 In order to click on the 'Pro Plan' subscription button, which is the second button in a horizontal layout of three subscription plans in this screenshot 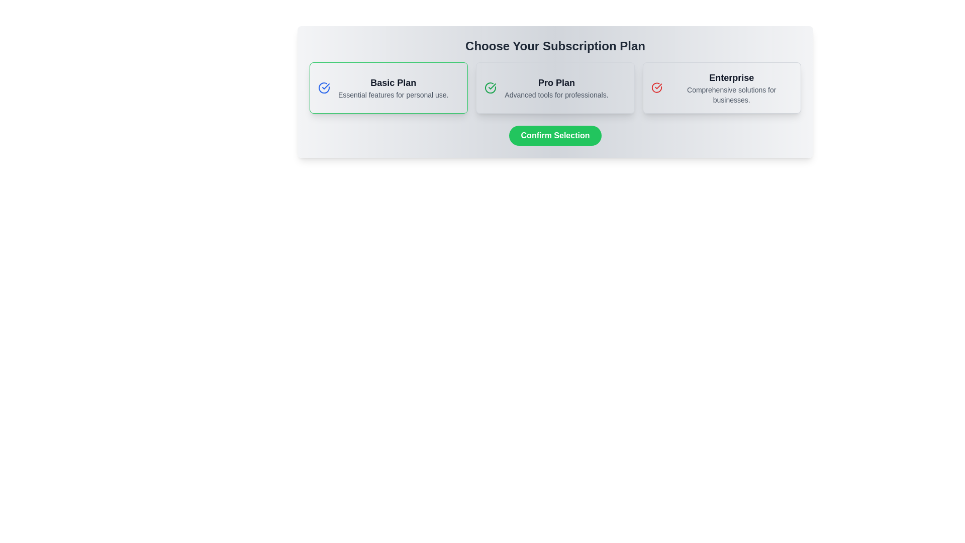, I will do `click(554, 87)`.